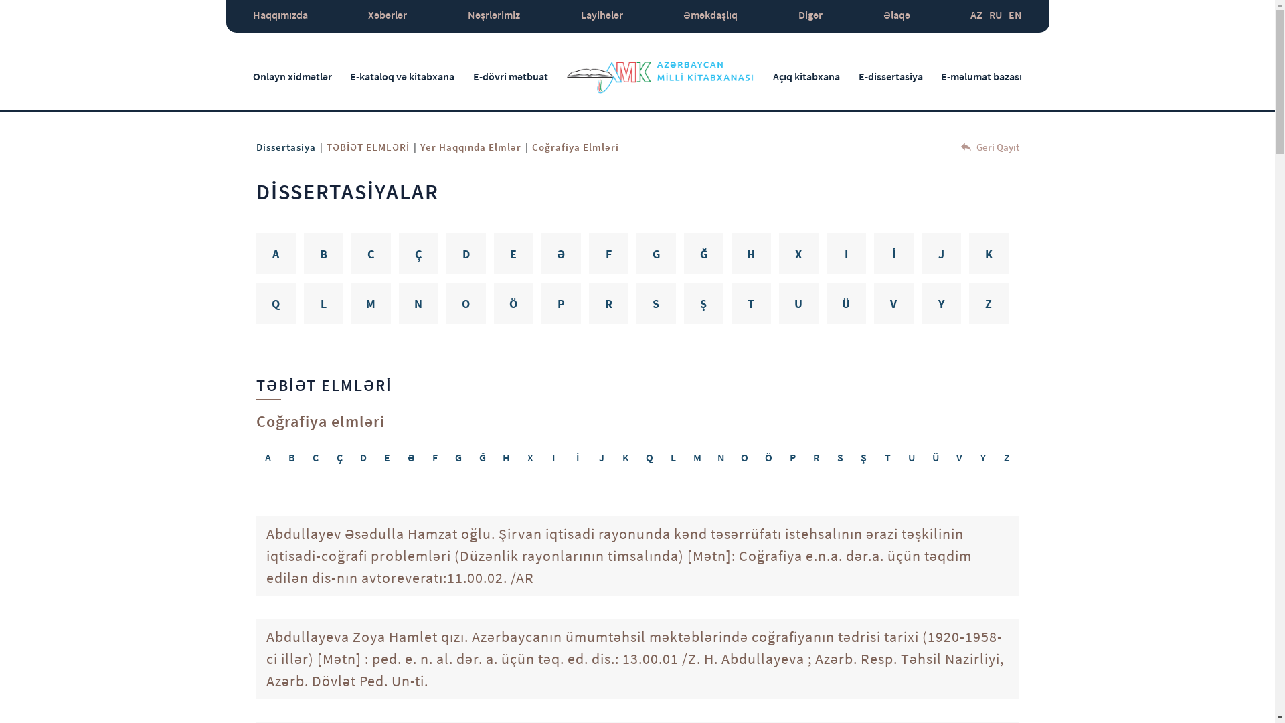  What do you see at coordinates (291, 456) in the screenshot?
I see `'B'` at bounding box center [291, 456].